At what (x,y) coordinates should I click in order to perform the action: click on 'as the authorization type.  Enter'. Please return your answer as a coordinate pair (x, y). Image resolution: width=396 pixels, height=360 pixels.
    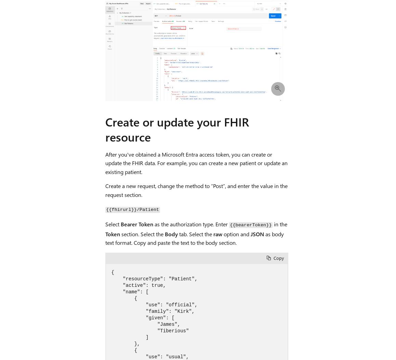
    Looking at the image, I should click on (191, 224).